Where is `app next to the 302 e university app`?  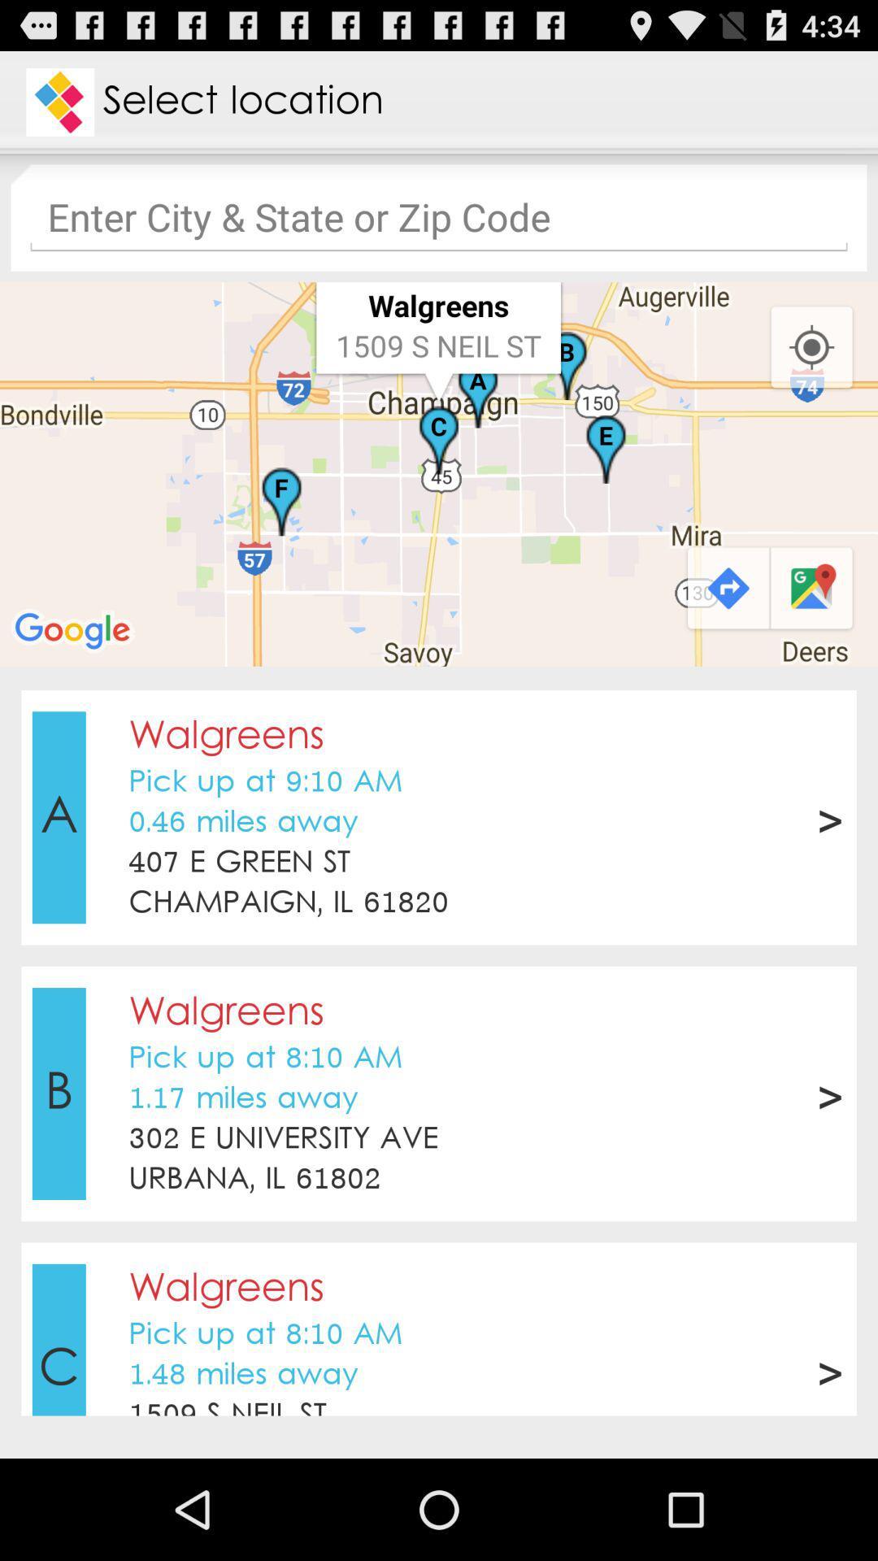
app next to the 302 e university app is located at coordinates (829, 1094).